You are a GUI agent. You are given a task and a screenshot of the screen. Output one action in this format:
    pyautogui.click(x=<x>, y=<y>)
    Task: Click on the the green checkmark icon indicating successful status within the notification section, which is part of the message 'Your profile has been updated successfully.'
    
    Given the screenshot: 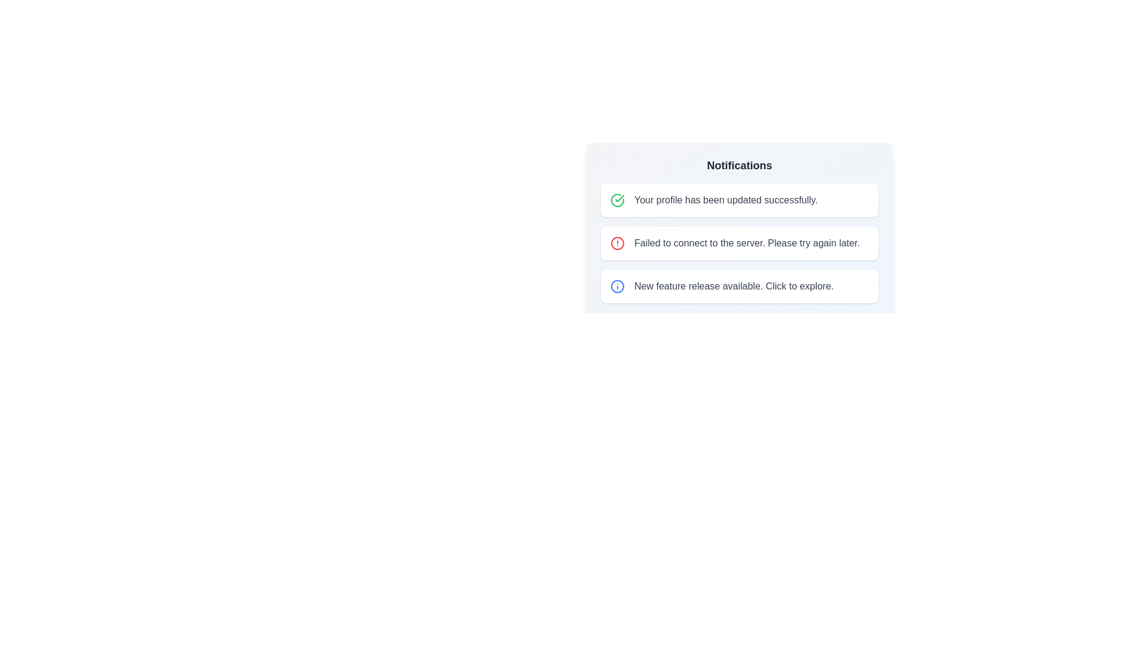 What is the action you would take?
    pyautogui.click(x=619, y=197)
    